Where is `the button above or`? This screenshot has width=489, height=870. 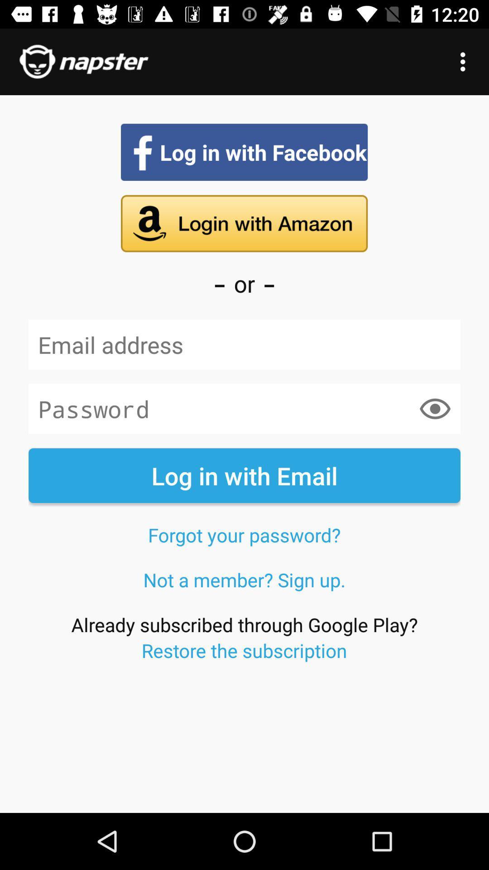 the button above or is located at coordinates (244, 224).